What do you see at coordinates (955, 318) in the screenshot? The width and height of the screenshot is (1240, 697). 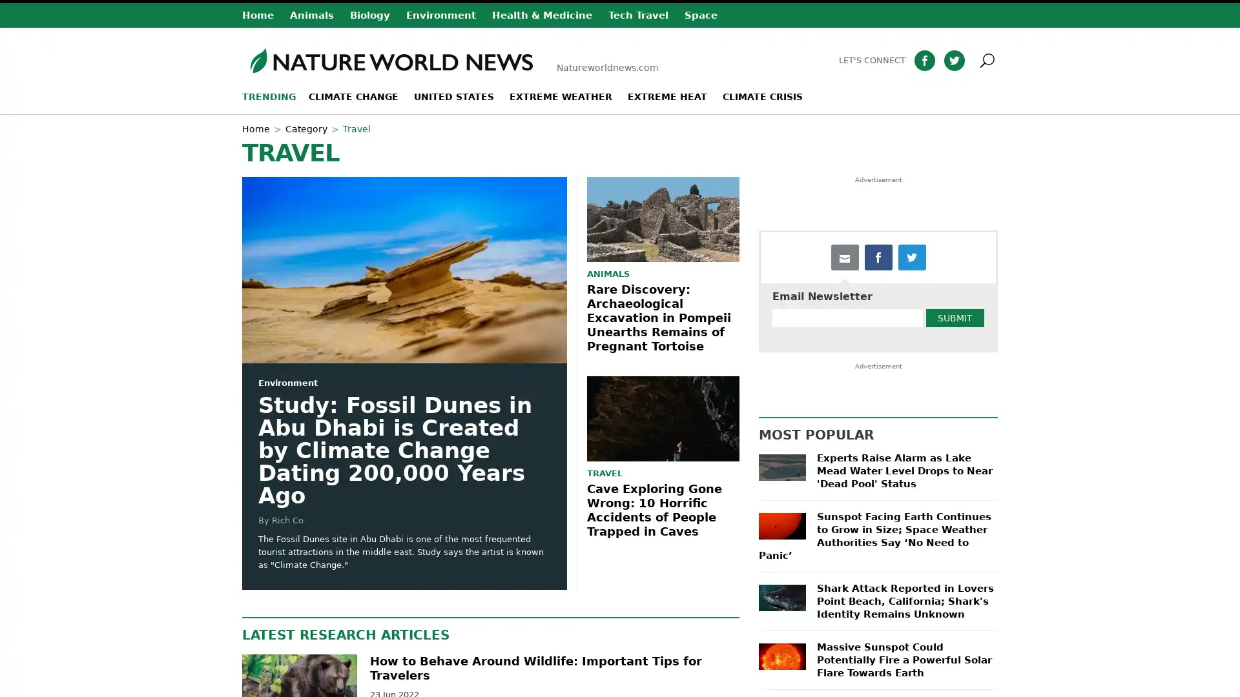 I see `Submit` at bounding box center [955, 318].